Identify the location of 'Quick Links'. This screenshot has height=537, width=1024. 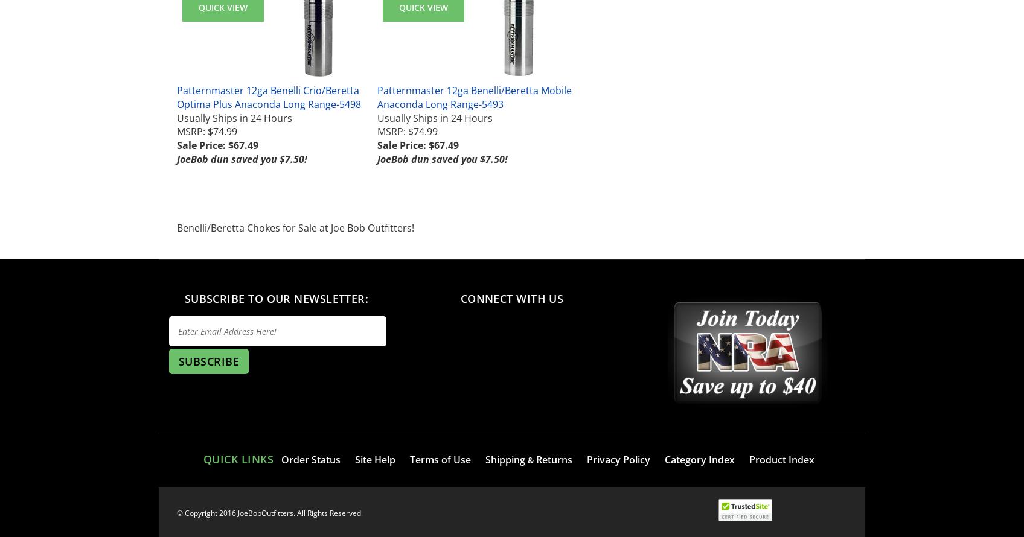
(237, 459).